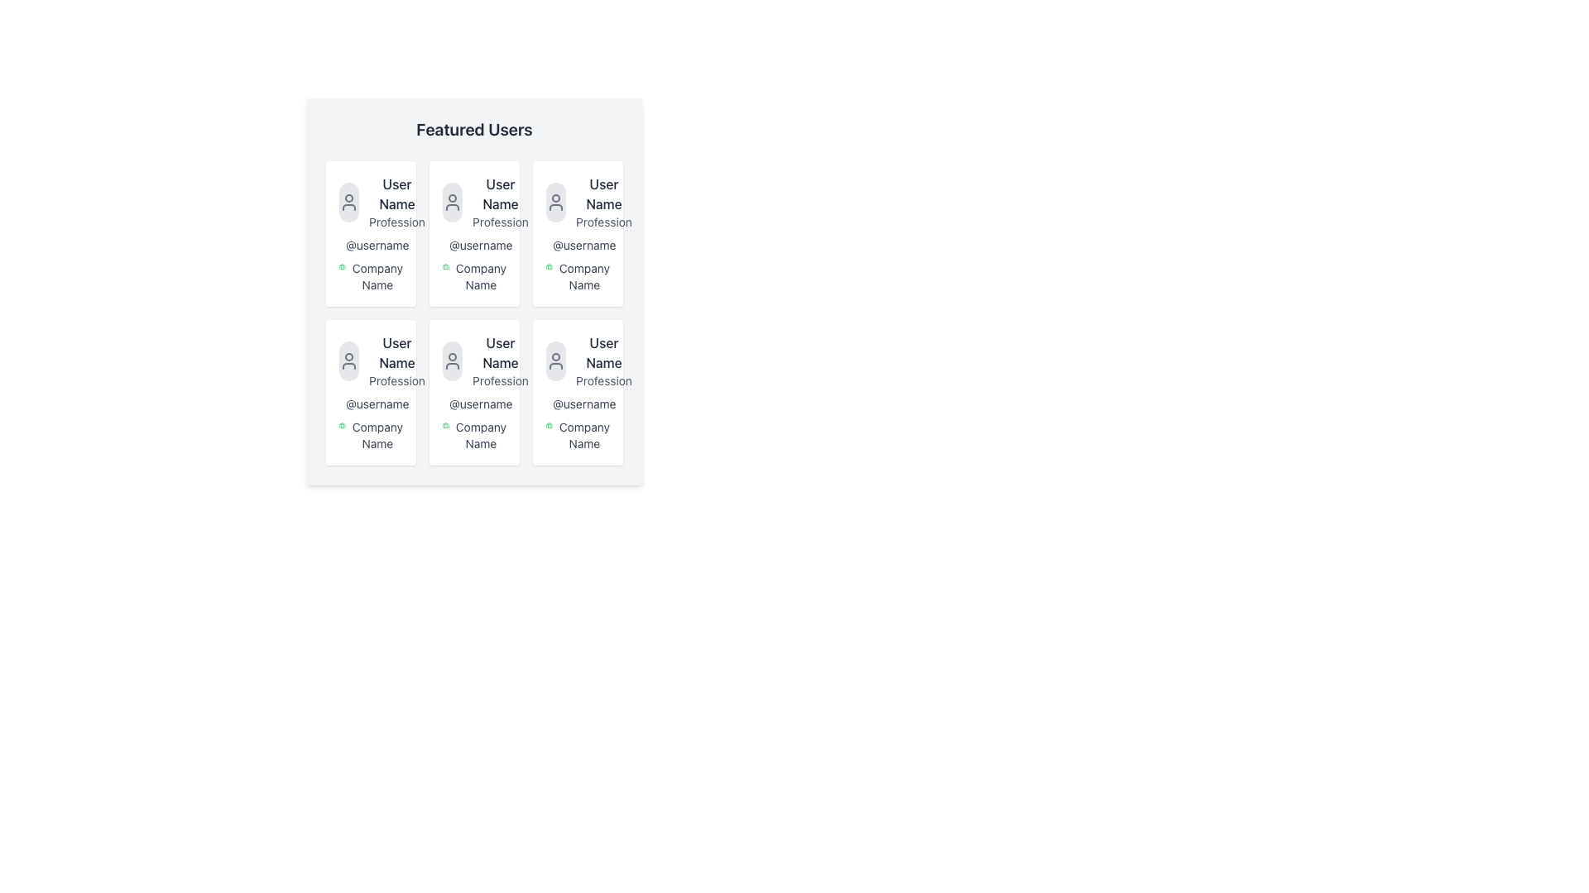  What do you see at coordinates (397, 222) in the screenshot?
I see `the text content of the text label that reads 'Profession', which is styled in gray` at bounding box center [397, 222].